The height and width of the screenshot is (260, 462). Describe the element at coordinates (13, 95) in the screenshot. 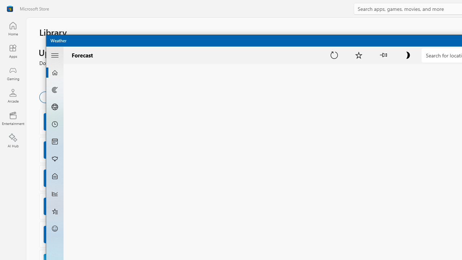

I see `'Arcade'` at that location.